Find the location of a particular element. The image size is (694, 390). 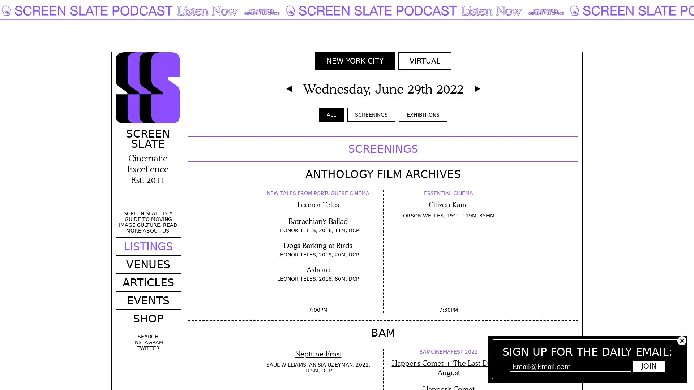

Hide subscribe popup is located at coordinates (681, 341).